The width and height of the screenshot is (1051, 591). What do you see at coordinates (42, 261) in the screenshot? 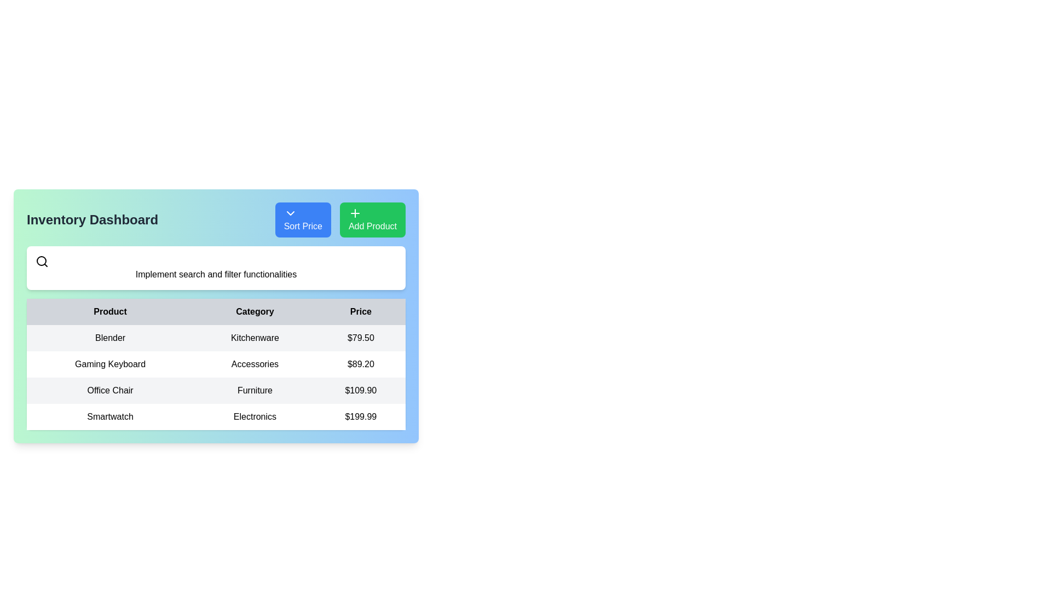
I see `the search icon by clicking on the circular magnifying glass lens located at the top left of the application interface` at bounding box center [42, 261].